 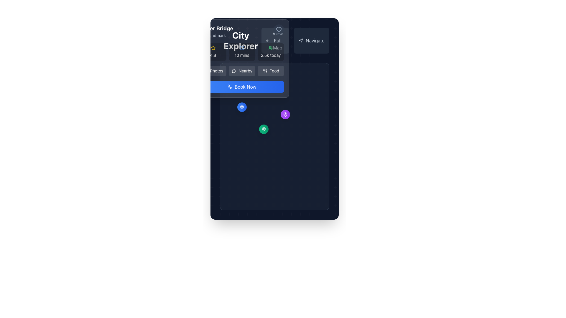 What do you see at coordinates (241, 40) in the screenshot?
I see `the text label displaying 'City Explorer', which is styled in bold, large white font against a darker background, located near the top left of the interface` at bounding box center [241, 40].